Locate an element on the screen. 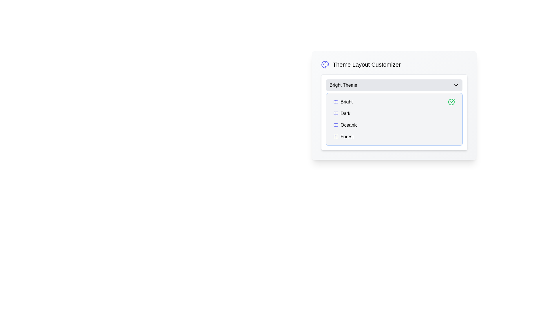 The width and height of the screenshot is (556, 313). the small indigo book icon located to the left of the 'Bright' option in the 'Theme Layout Customizer' is located at coordinates (336, 101).